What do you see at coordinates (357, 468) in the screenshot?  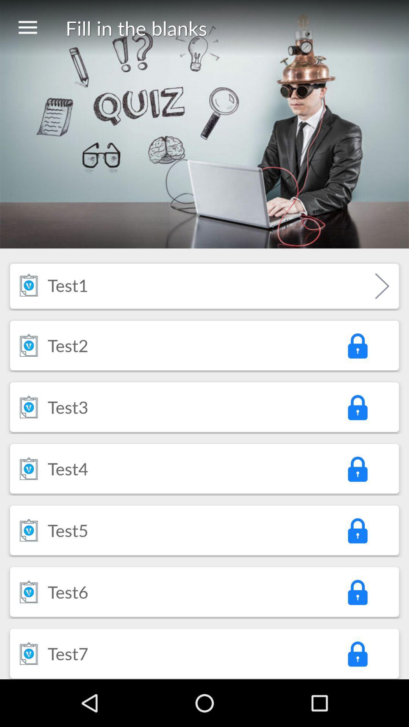 I see `icon next to test4` at bounding box center [357, 468].